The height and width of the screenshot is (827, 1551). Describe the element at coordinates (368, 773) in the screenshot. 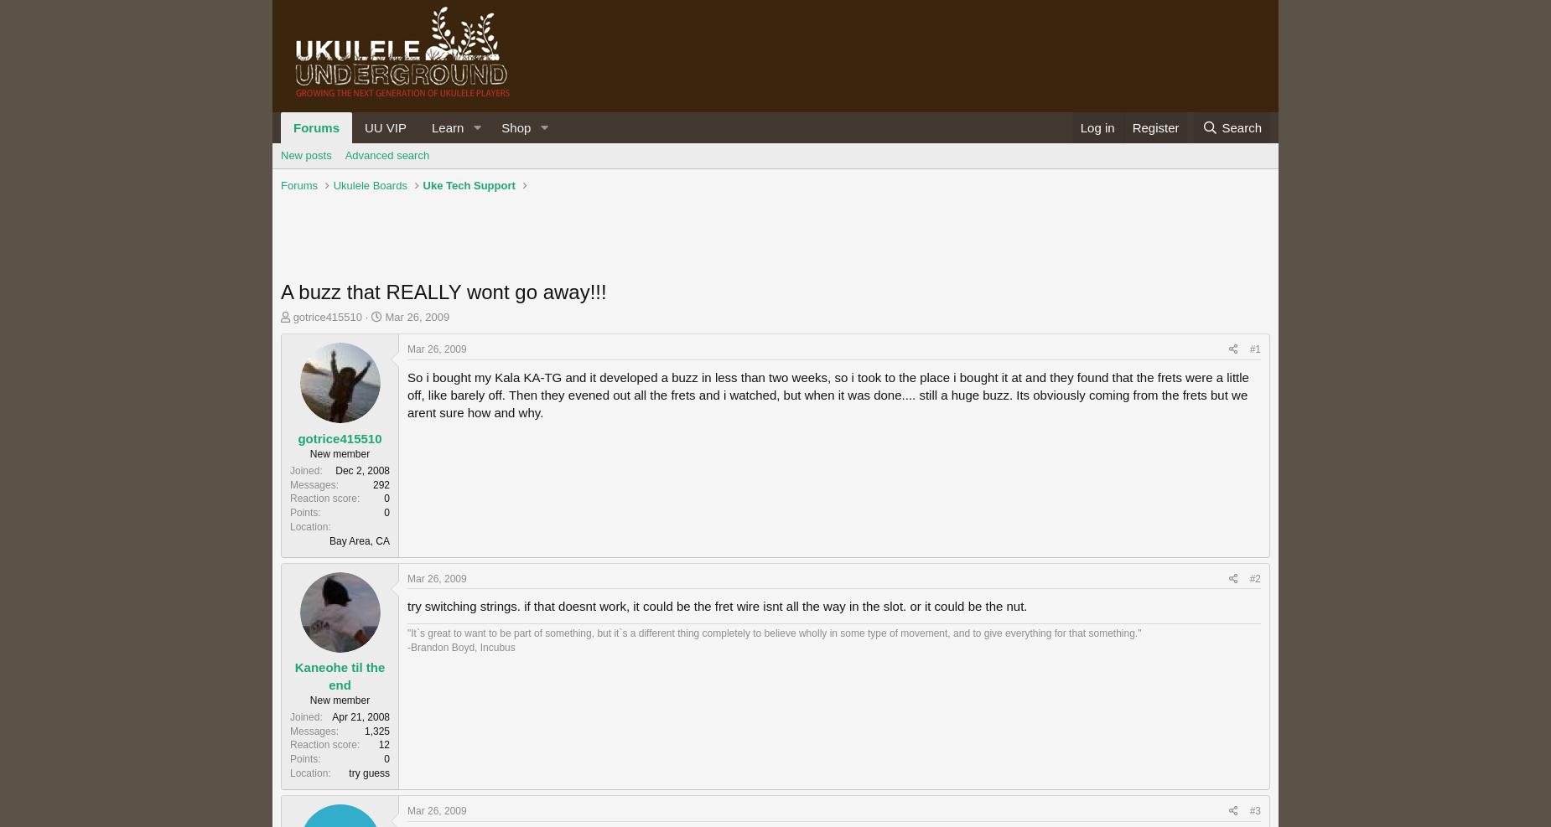

I see `'try guess'` at that location.